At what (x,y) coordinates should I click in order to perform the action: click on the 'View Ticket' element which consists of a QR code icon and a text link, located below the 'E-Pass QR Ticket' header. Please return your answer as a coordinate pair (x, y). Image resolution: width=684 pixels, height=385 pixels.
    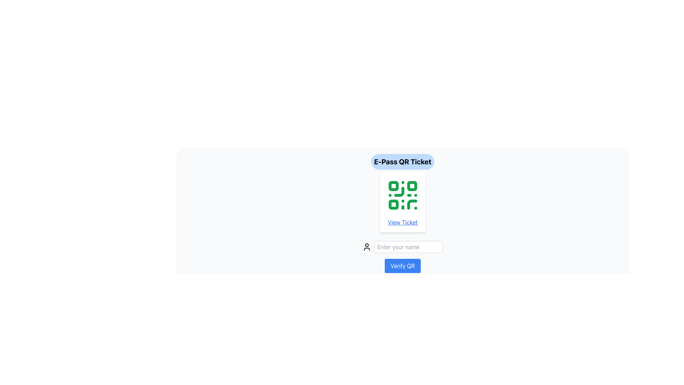
    Looking at the image, I should click on (403, 202).